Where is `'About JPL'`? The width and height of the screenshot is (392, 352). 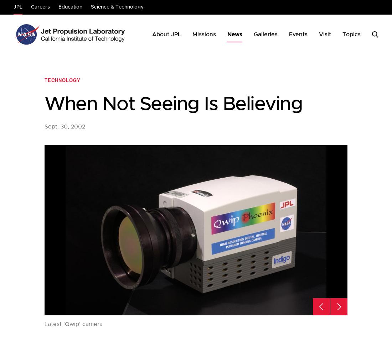
'About JPL' is located at coordinates (166, 35).